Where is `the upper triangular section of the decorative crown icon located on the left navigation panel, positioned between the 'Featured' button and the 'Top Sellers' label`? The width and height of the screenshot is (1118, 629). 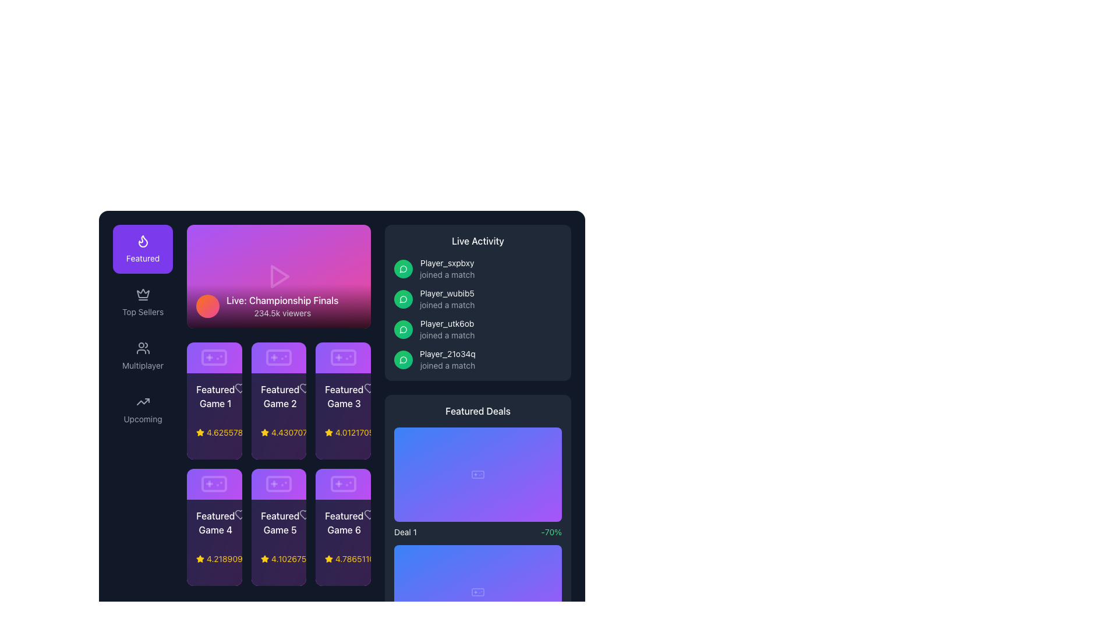
the upper triangular section of the decorative crown icon located on the left navigation panel, positioned between the 'Featured' button and the 'Top Sellers' label is located at coordinates (142, 293).